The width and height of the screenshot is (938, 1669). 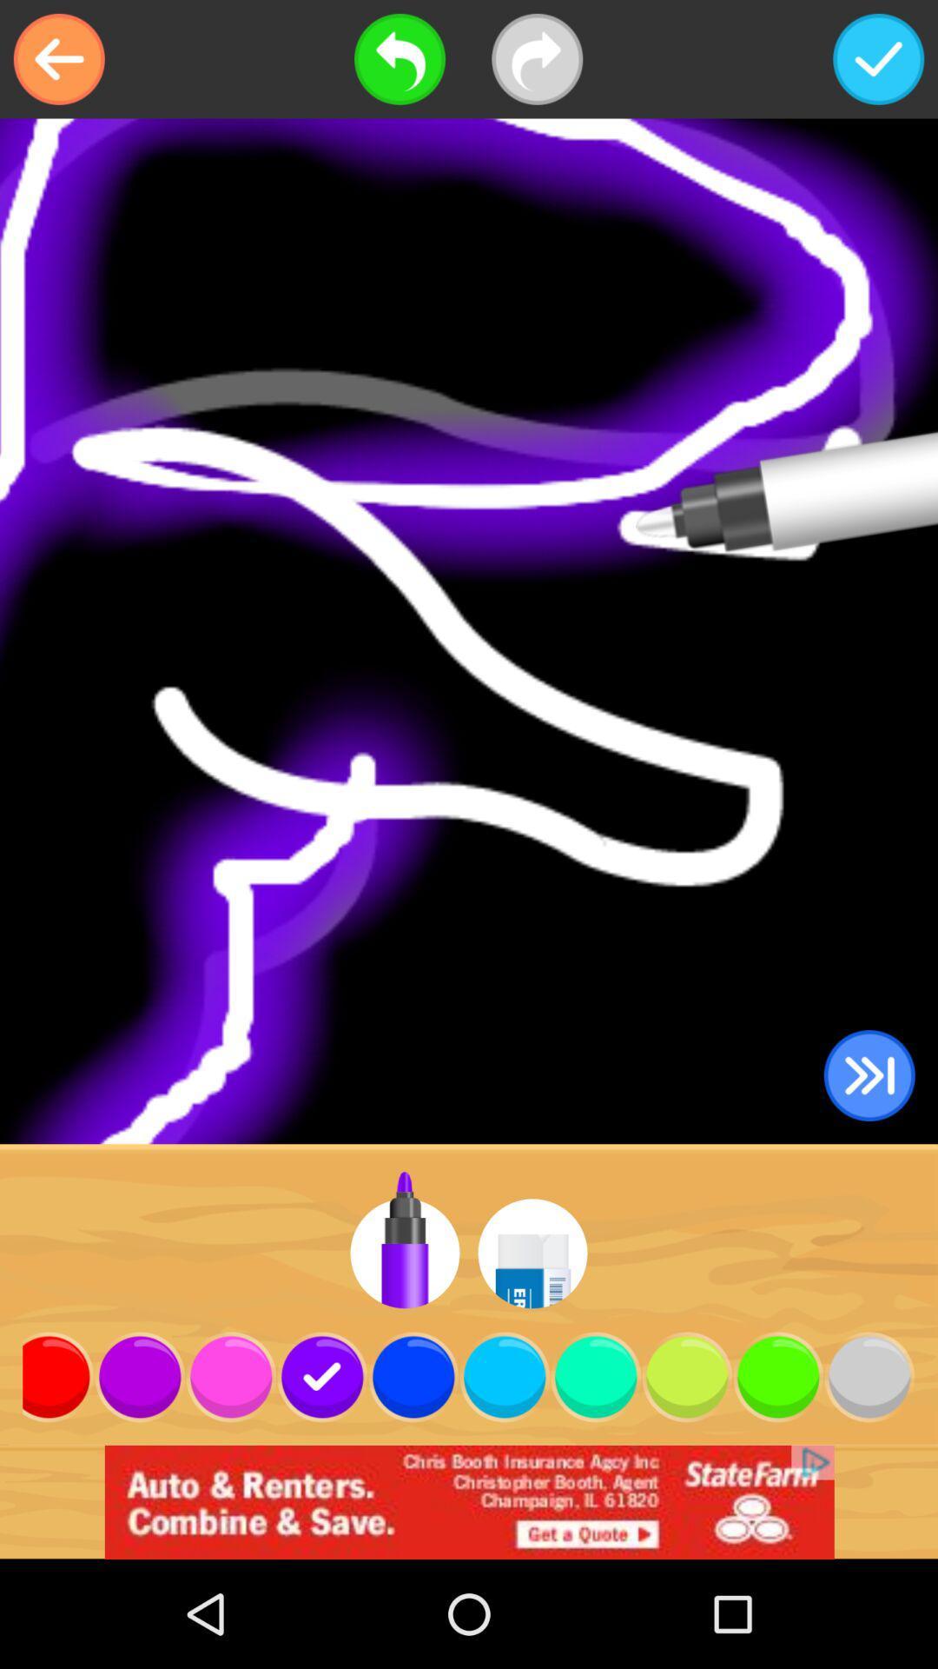 What do you see at coordinates (878, 59) in the screenshot?
I see `the item at the top right corner` at bounding box center [878, 59].